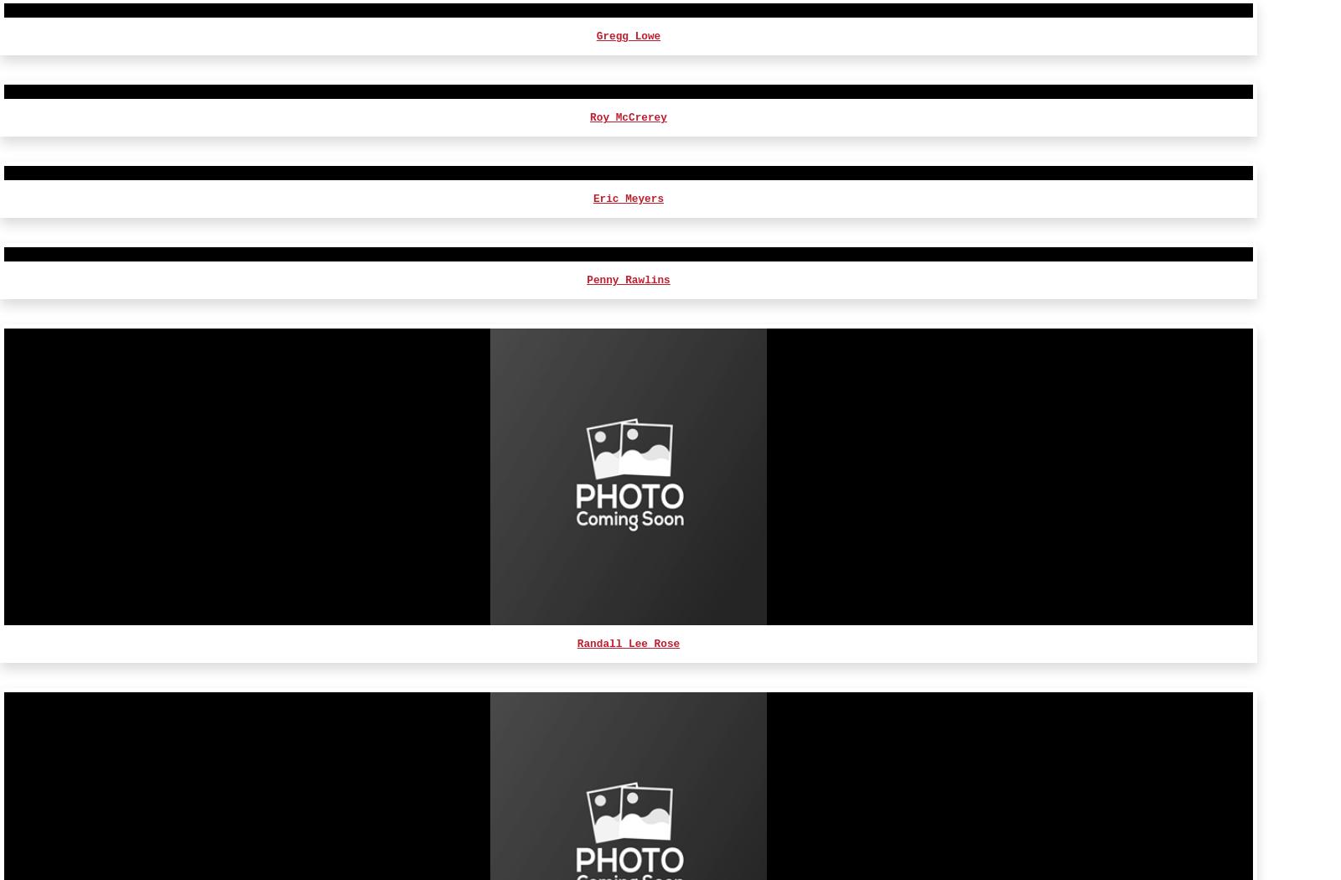 The height and width of the screenshot is (880, 1341). What do you see at coordinates (628, 170) in the screenshot?
I see `'Devora Wilde'` at bounding box center [628, 170].